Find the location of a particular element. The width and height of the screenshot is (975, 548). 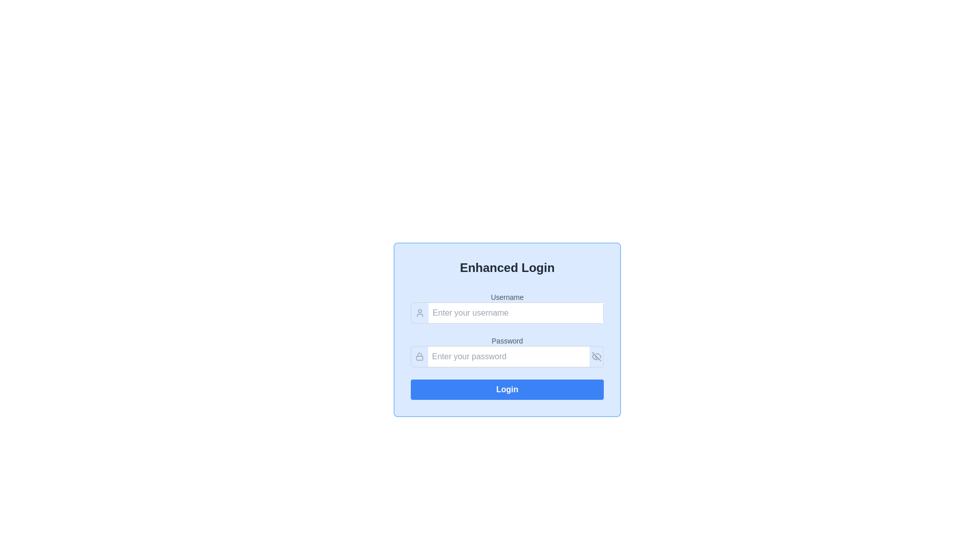

the eye icon with a diagonal line crossing it, located within the password visibility toggle button on the right side of the password input field is located at coordinates (596, 356).